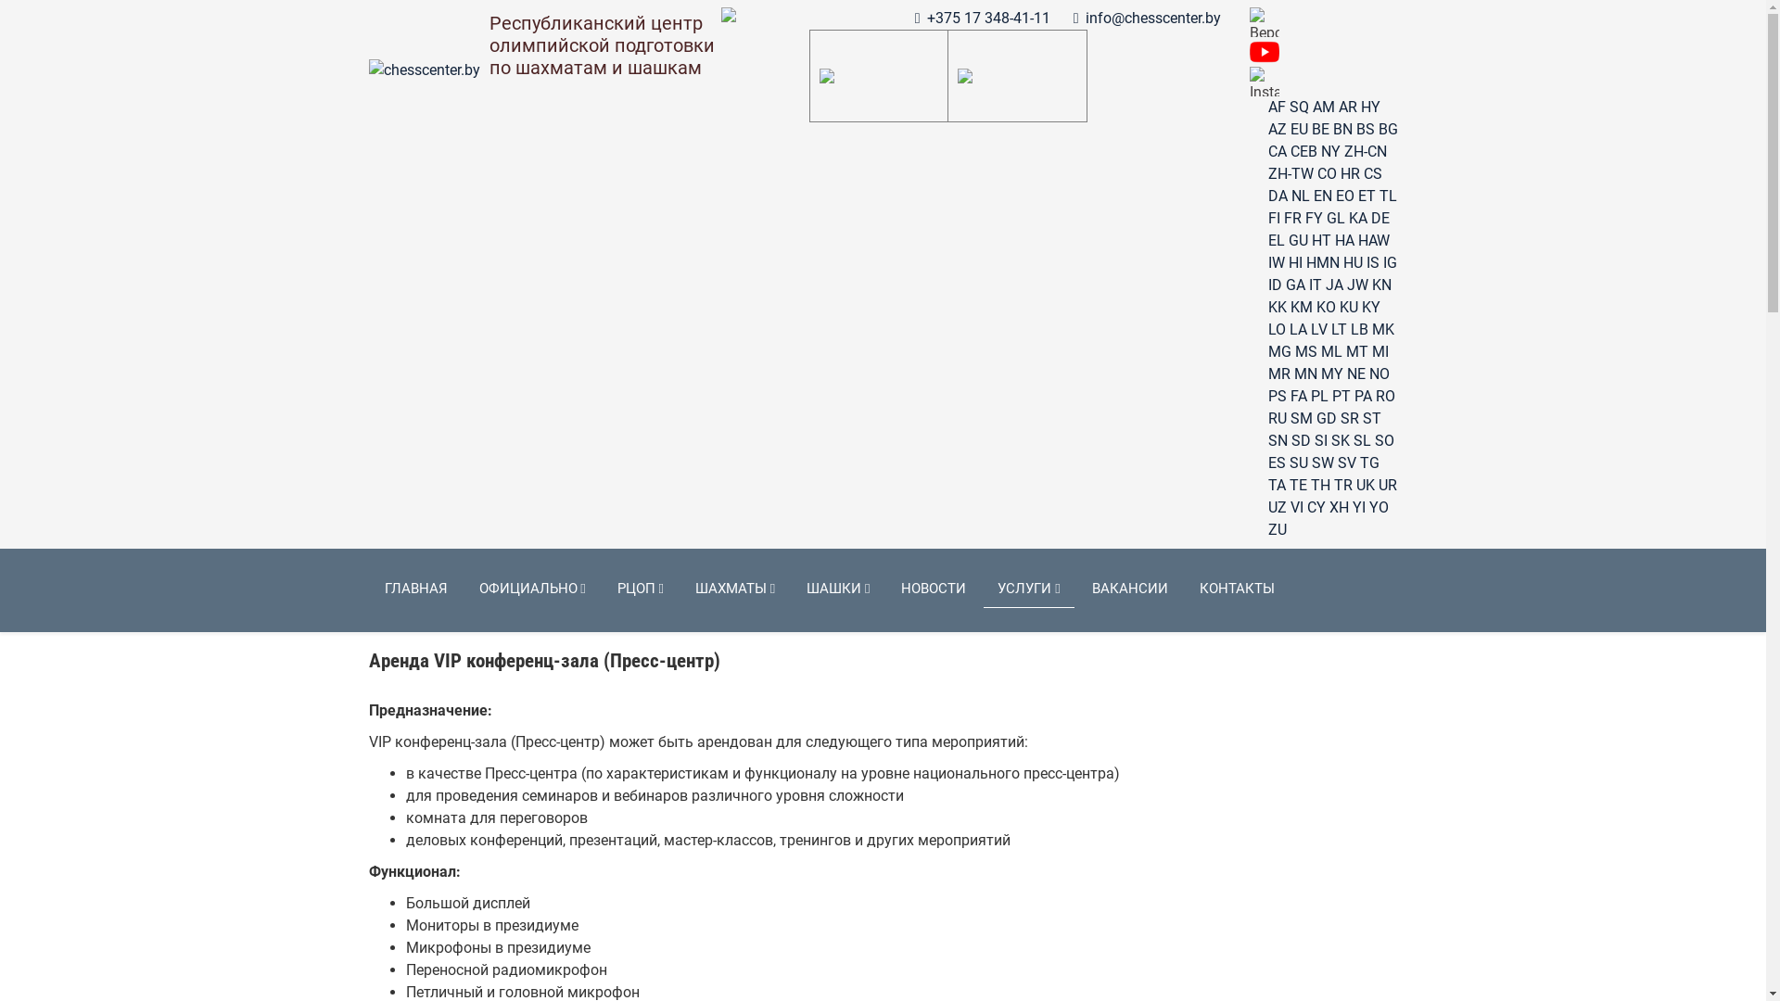 This screenshot has height=1001, width=1780. What do you see at coordinates (1366, 150) in the screenshot?
I see `'ZH-CN'` at bounding box center [1366, 150].